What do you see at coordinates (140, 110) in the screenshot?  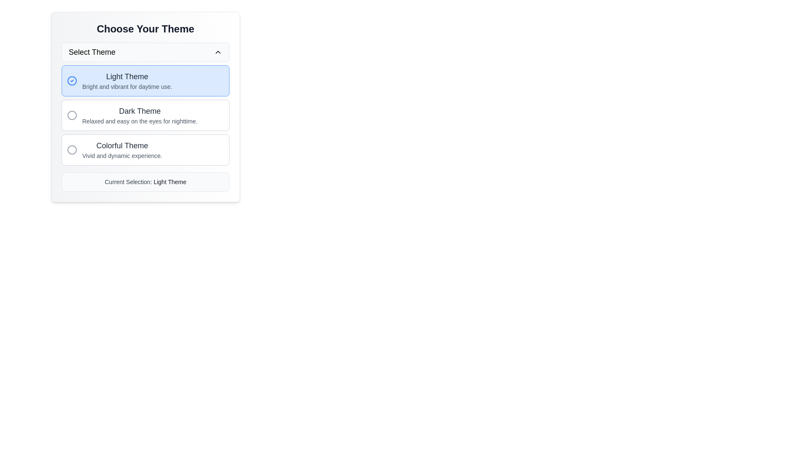 I see `the 'Dark Theme' text label within the 'Choose Your Theme' section, which is positioned between 'Light Theme' and 'Colorful Theme'` at bounding box center [140, 110].